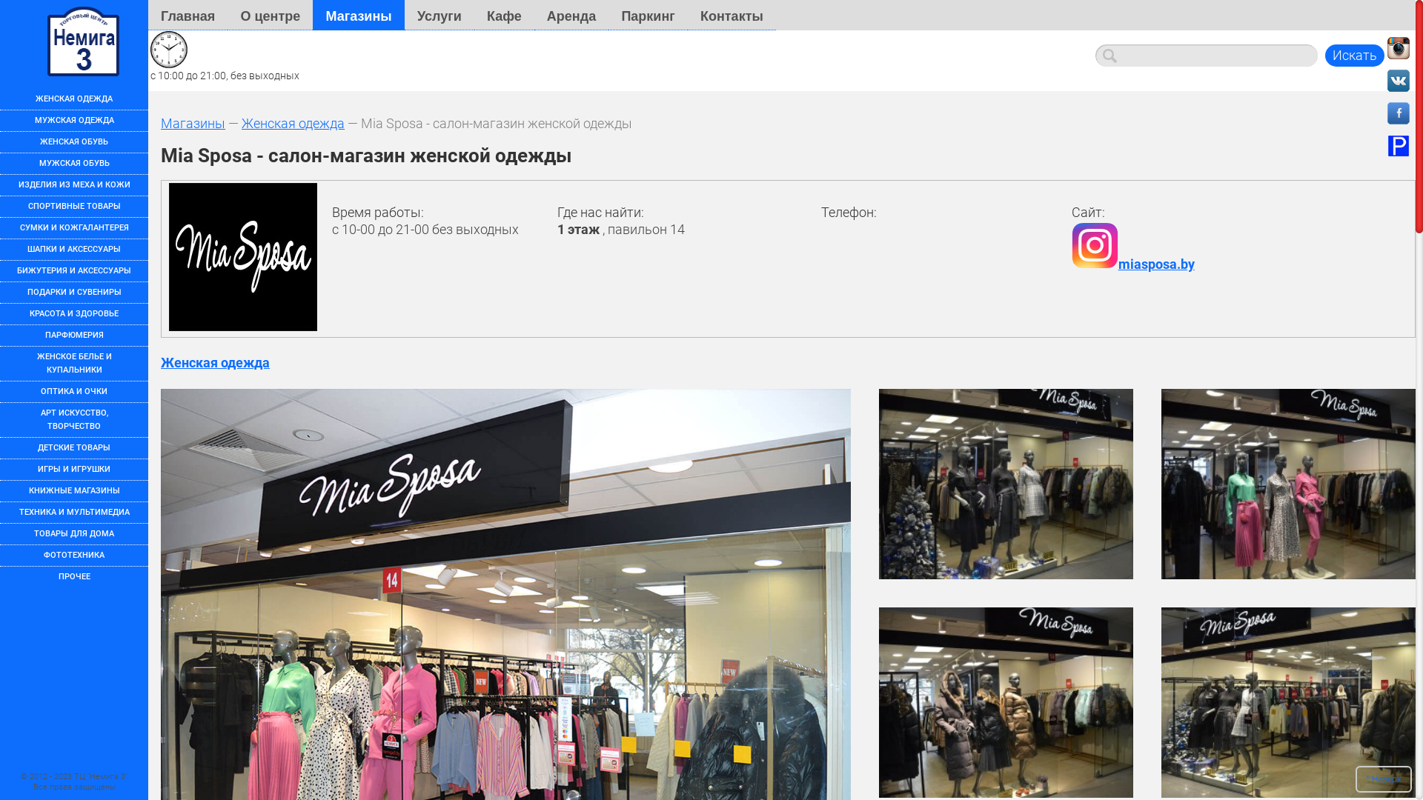 This screenshot has width=1423, height=800. I want to click on 'miasposa.by', so click(1071, 263).